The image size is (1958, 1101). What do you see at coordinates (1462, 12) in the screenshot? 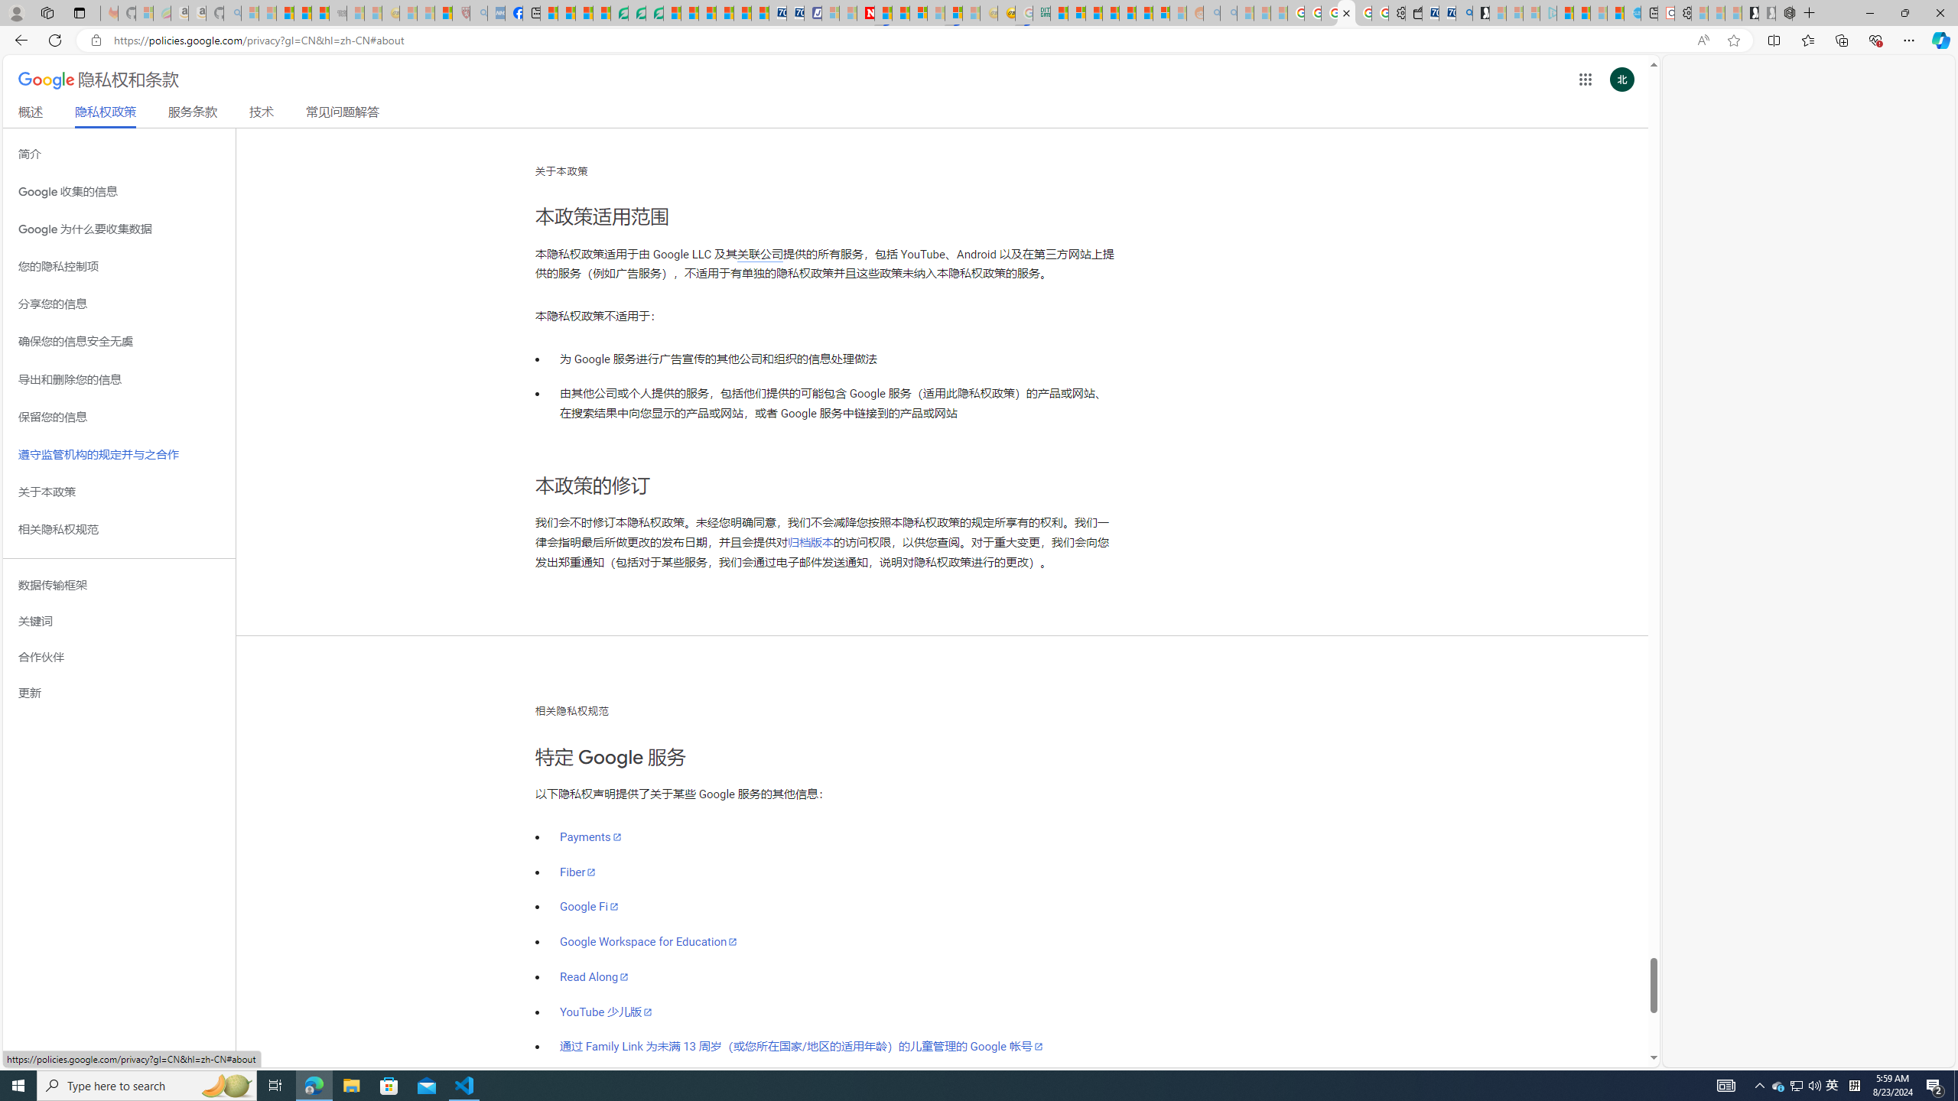
I see `'Bing Real Estate - Home sales and rental listings'` at bounding box center [1462, 12].